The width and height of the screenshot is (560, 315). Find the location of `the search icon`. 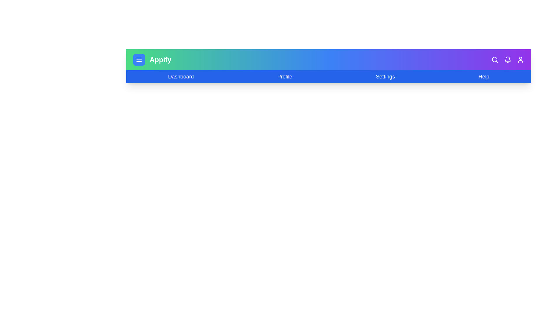

the search icon is located at coordinates (495, 60).